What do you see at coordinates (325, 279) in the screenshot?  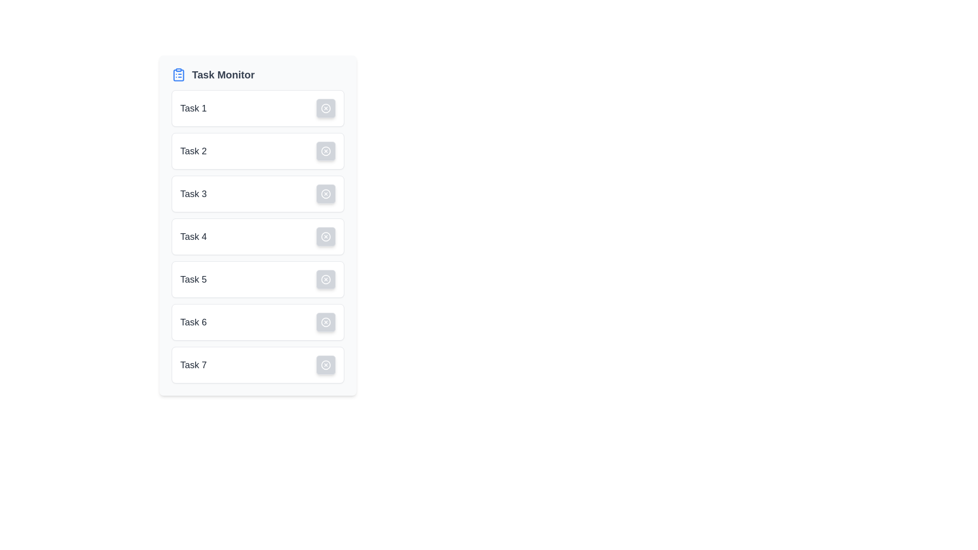 I see `the deletion or cancellation button for 'Task 5' located in the vertical list under the 'Task Monitor' label` at bounding box center [325, 279].